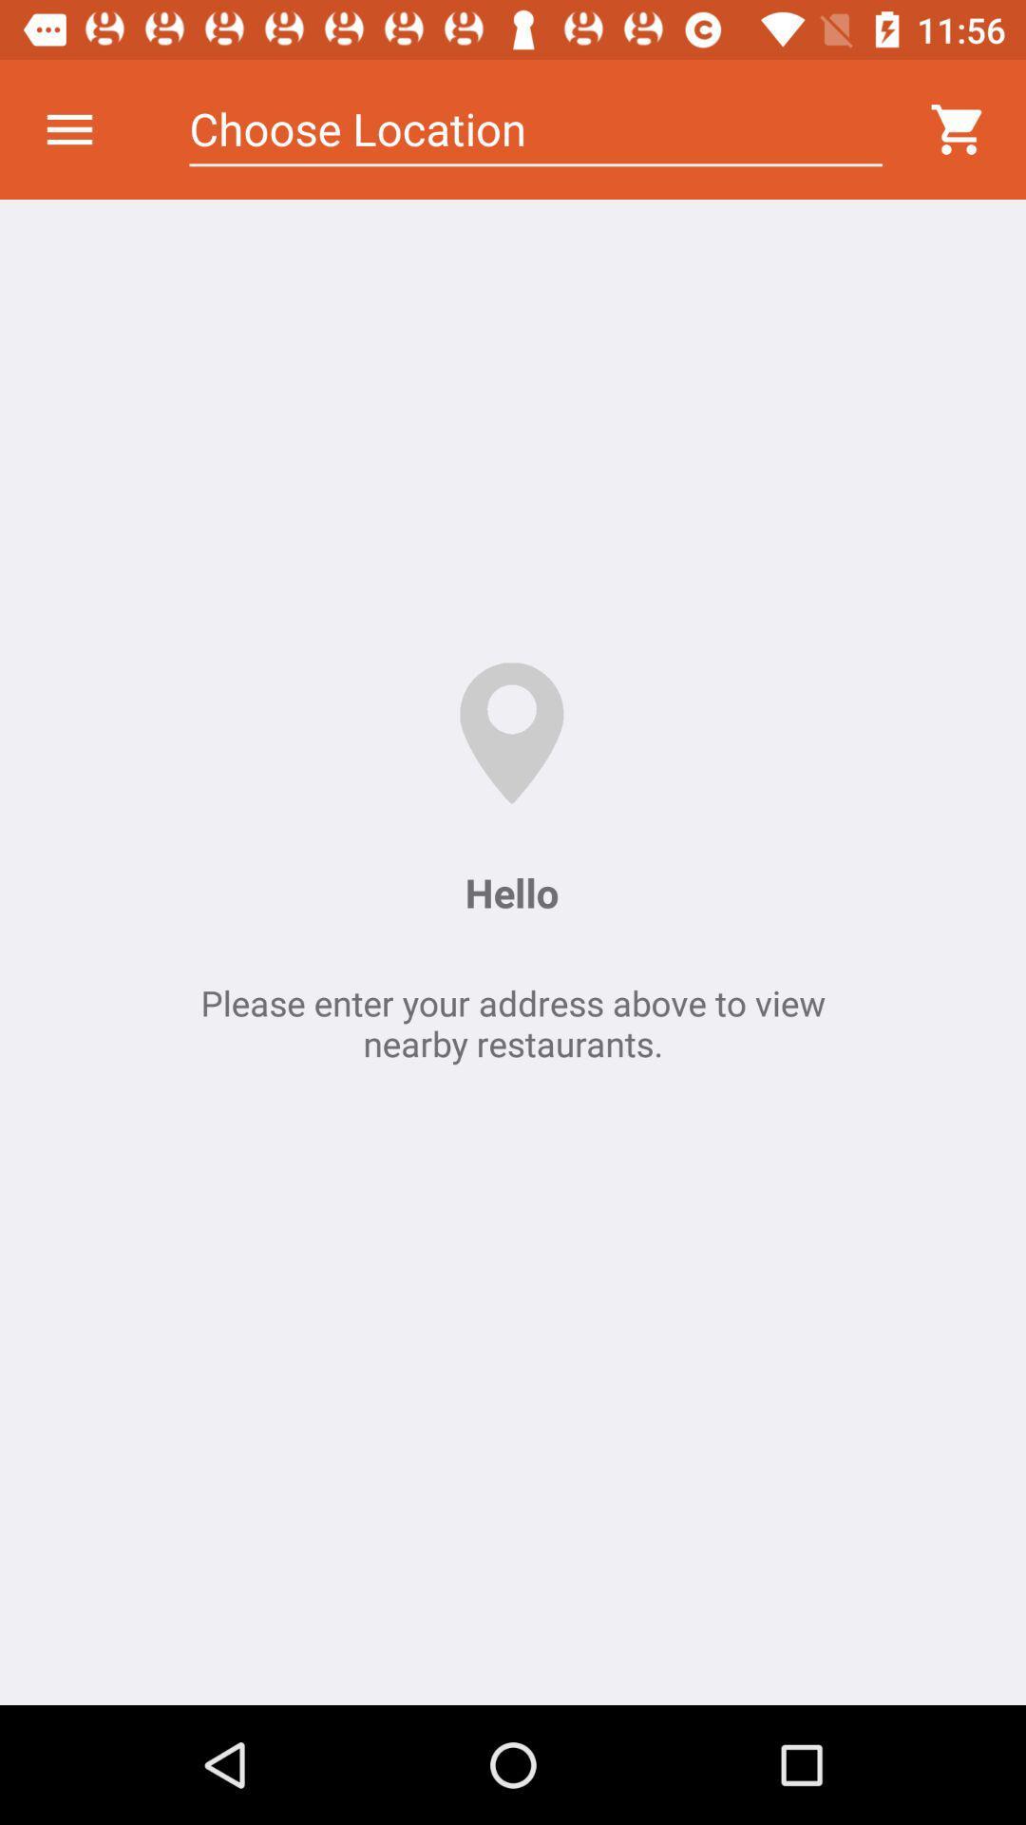 The width and height of the screenshot is (1026, 1825). What do you see at coordinates (68, 128) in the screenshot?
I see `icon next to choose location icon` at bounding box center [68, 128].